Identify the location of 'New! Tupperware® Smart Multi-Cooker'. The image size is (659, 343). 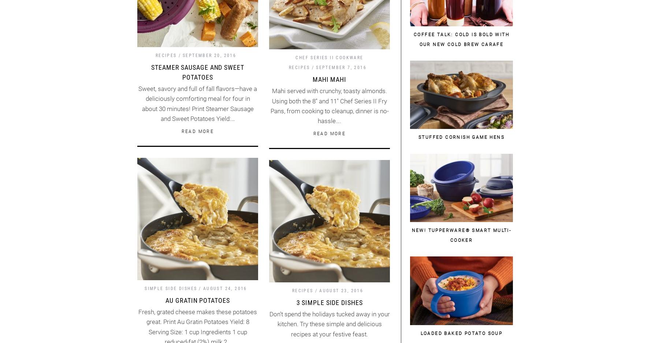
(461, 235).